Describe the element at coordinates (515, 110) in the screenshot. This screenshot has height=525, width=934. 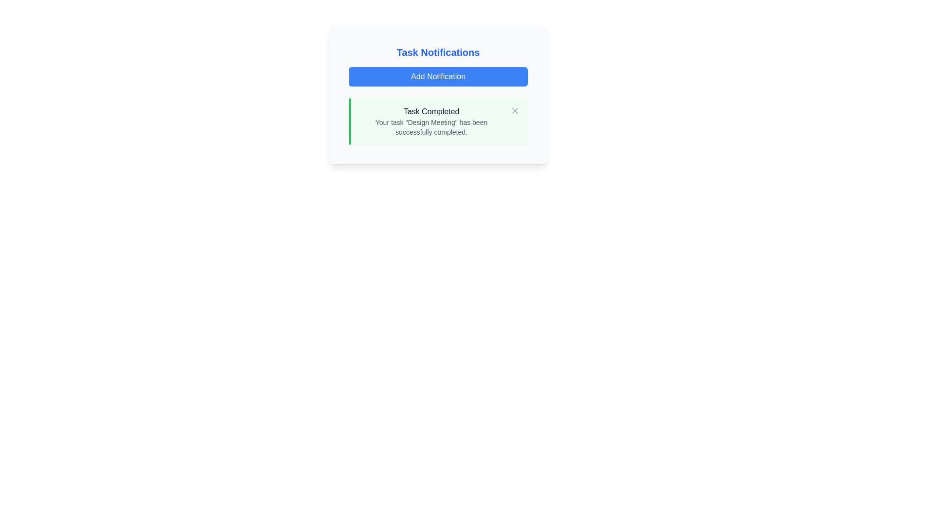
I see `the Close or dismiss icon located at the top-right corner of the 'Task Completed' notification` at that location.